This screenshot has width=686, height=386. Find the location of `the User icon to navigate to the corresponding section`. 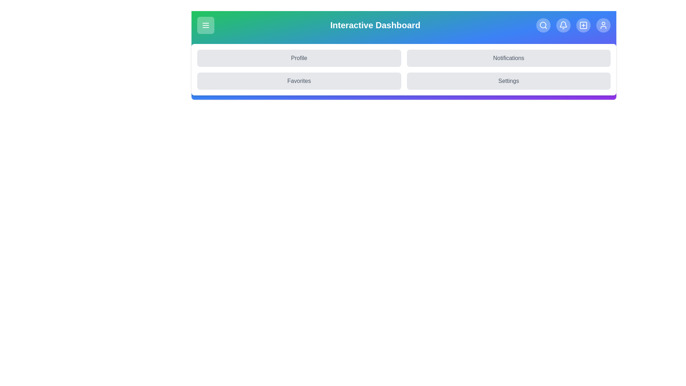

the User icon to navigate to the corresponding section is located at coordinates (603, 25).